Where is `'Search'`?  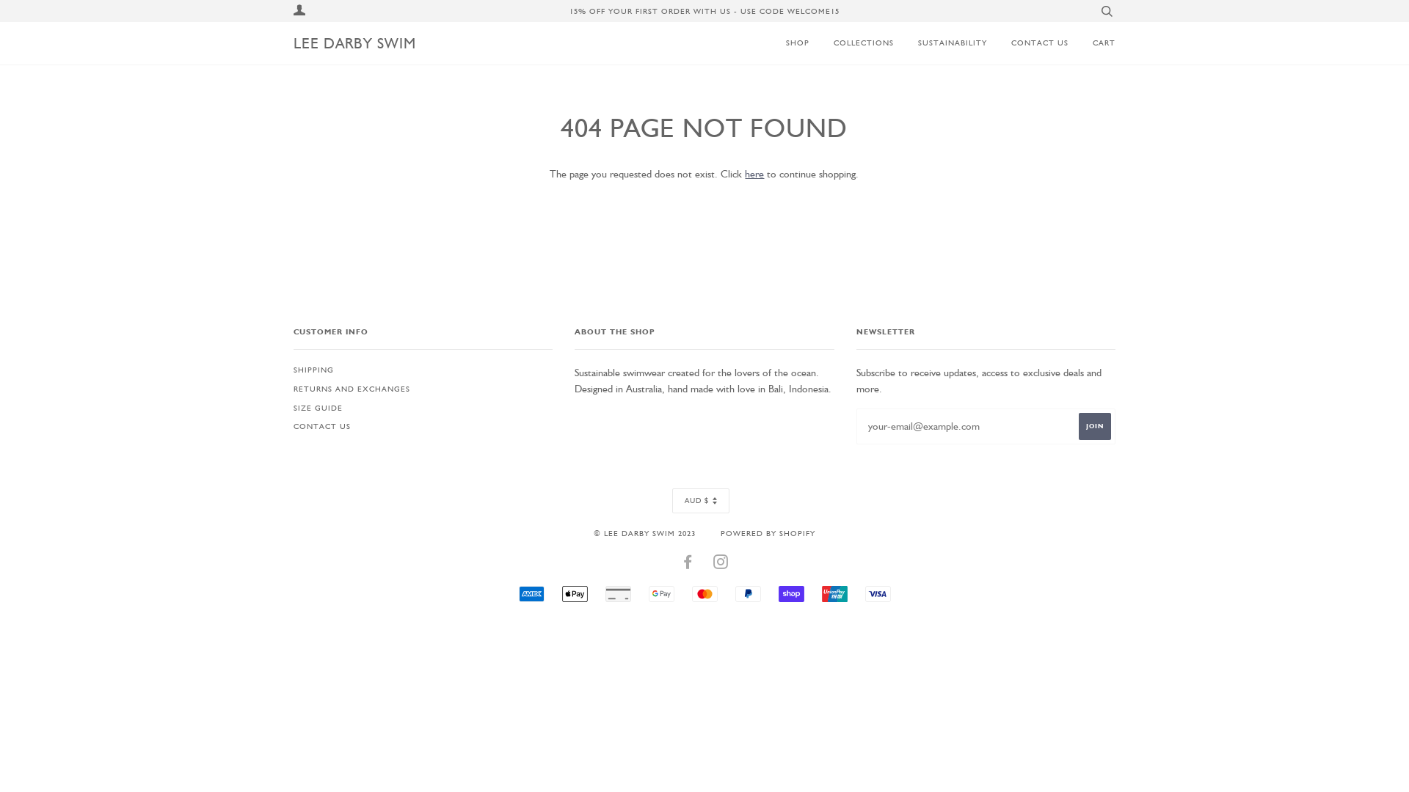 'Search' is located at coordinates (1096, 11).